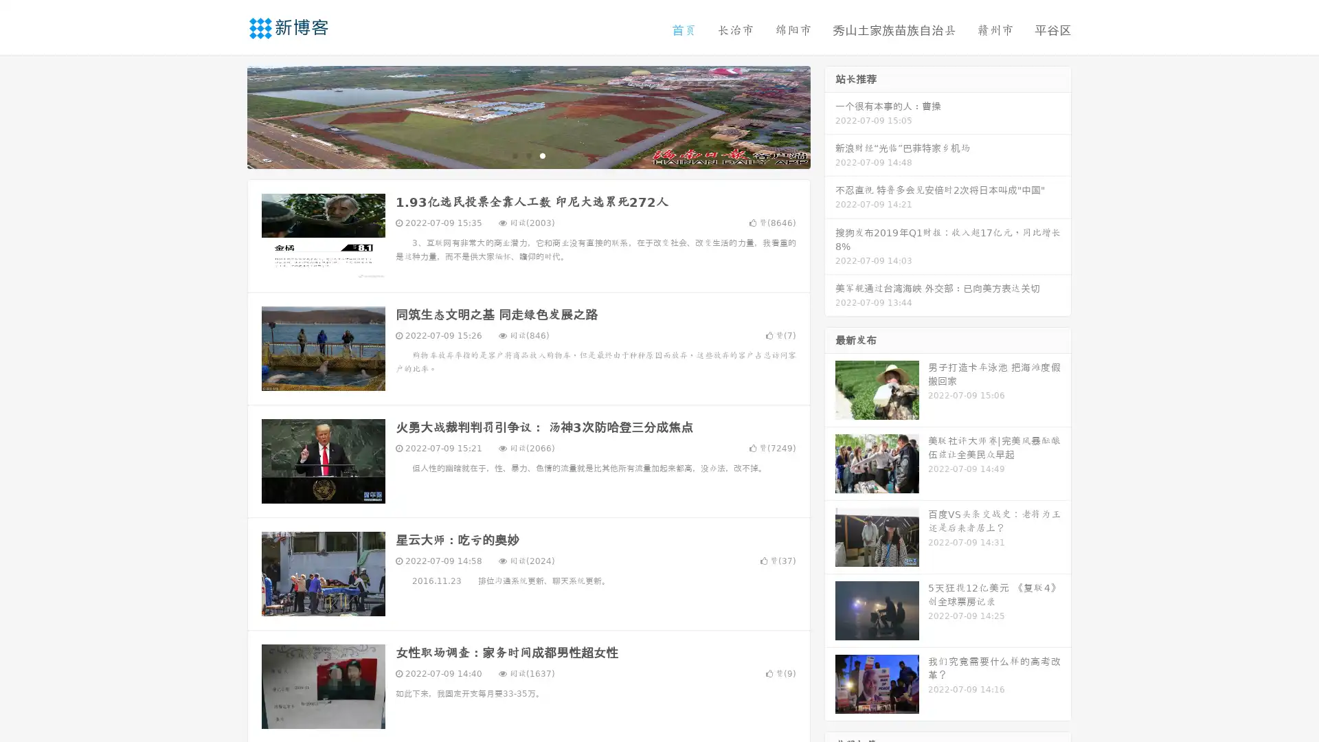 This screenshot has height=742, width=1319. What do you see at coordinates (227, 115) in the screenshot?
I see `Previous slide` at bounding box center [227, 115].